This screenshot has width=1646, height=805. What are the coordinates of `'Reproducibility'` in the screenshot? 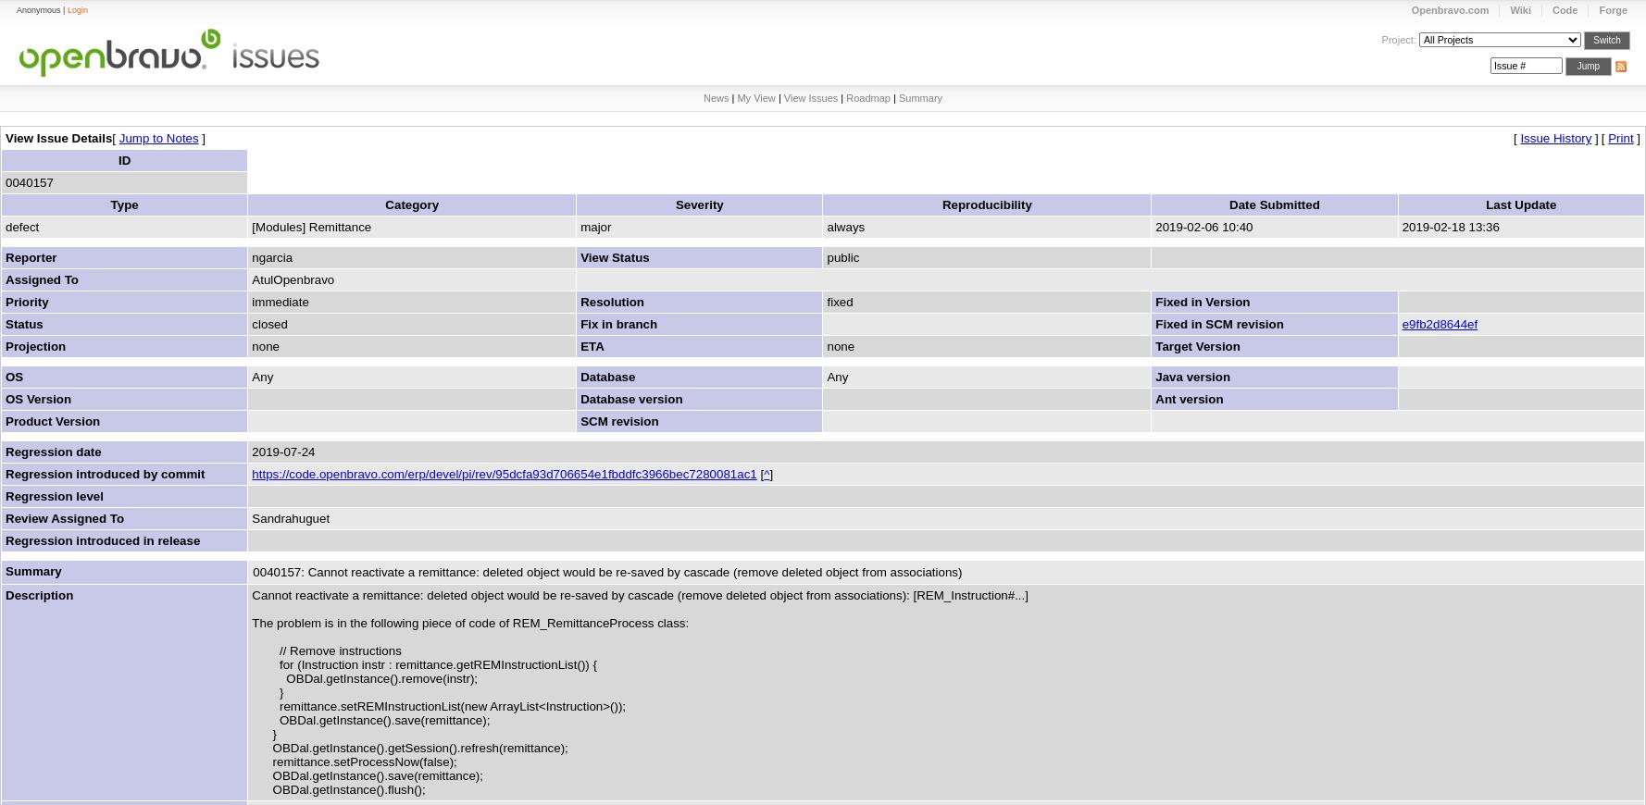 It's located at (986, 204).